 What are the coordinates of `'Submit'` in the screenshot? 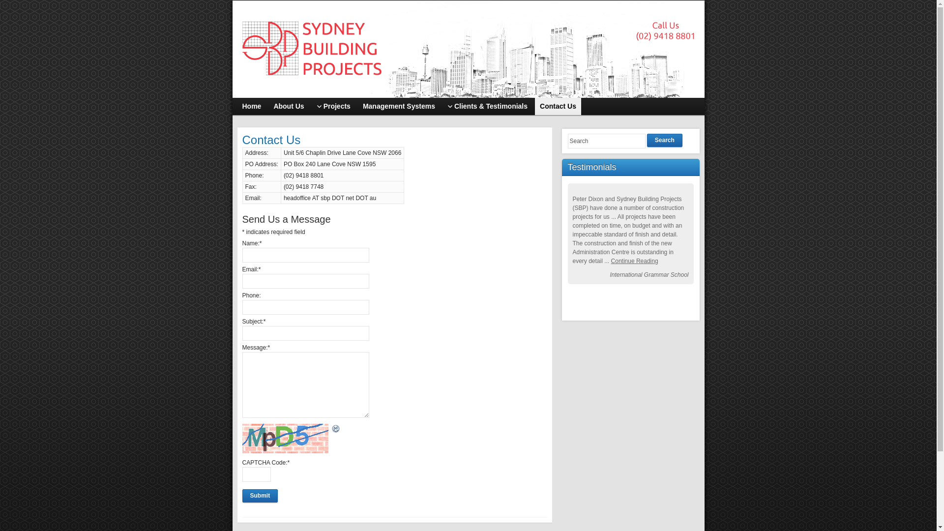 It's located at (260, 496).